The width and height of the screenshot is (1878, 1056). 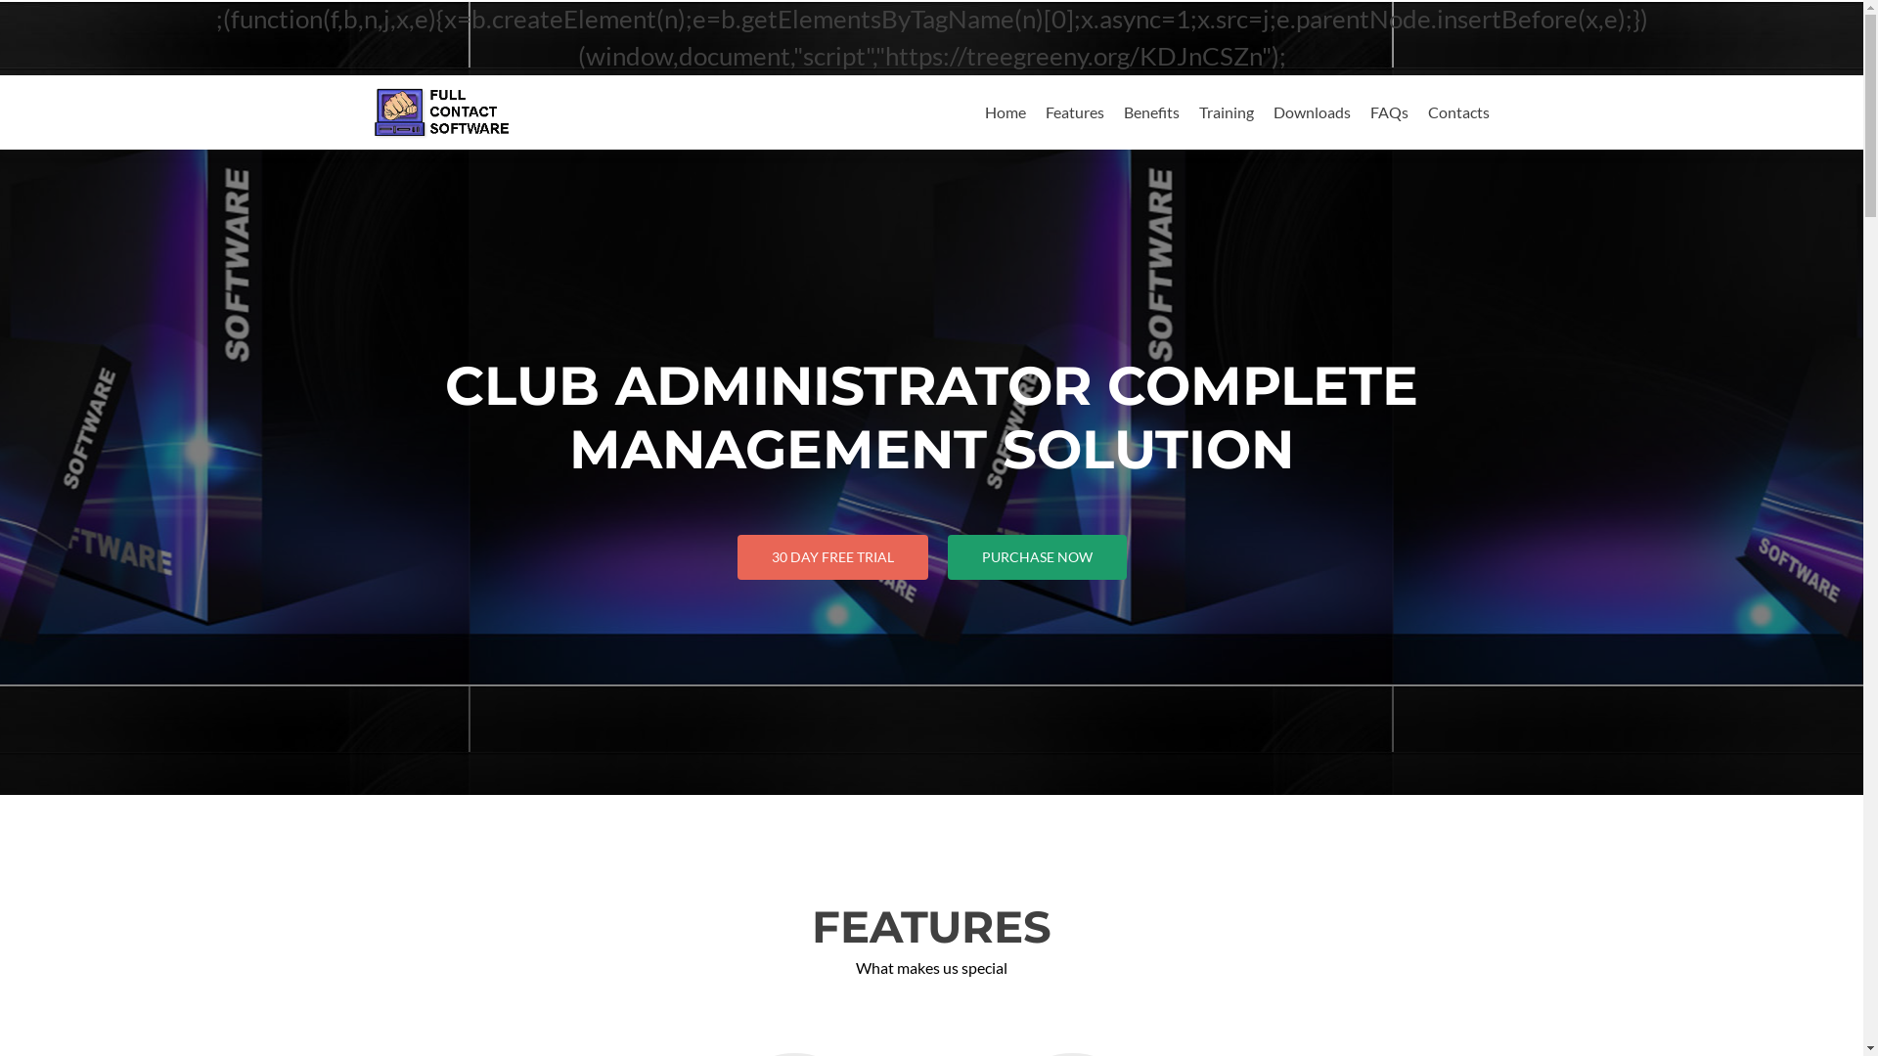 I want to click on 'PURCHASE NOW', so click(x=1035, y=557).